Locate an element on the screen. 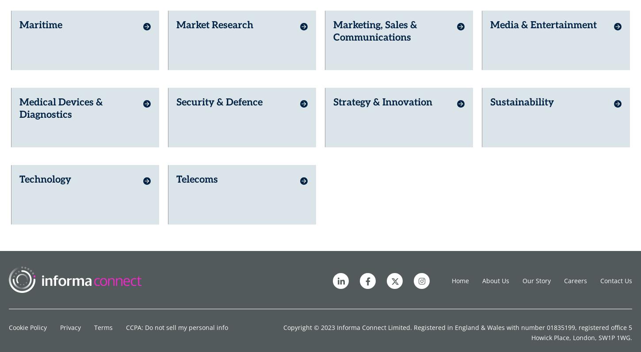 The width and height of the screenshot is (641, 352). 'Terms' is located at coordinates (103, 323).